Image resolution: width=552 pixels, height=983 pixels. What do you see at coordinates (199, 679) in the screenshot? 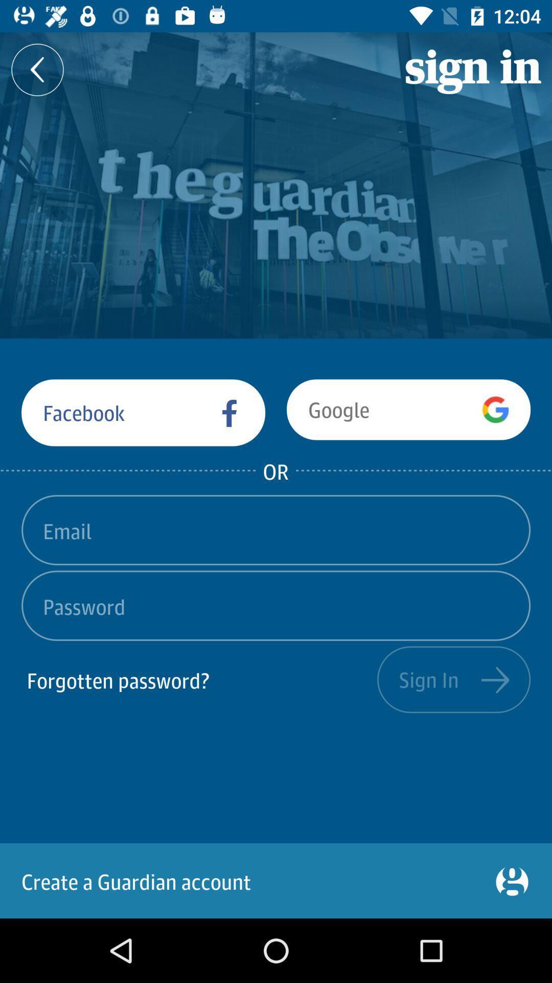
I see `item next to sign in item` at bounding box center [199, 679].